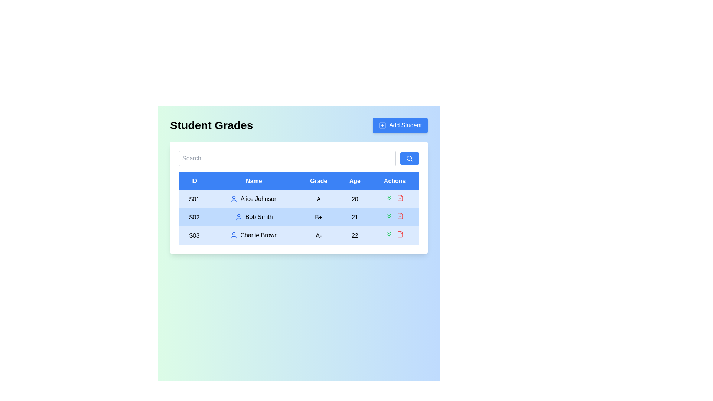 The width and height of the screenshot is (713, 401). I want to click on the unique ID displayed in the text label located in the second row of the table under the 'ID' column, so click(194, 217).